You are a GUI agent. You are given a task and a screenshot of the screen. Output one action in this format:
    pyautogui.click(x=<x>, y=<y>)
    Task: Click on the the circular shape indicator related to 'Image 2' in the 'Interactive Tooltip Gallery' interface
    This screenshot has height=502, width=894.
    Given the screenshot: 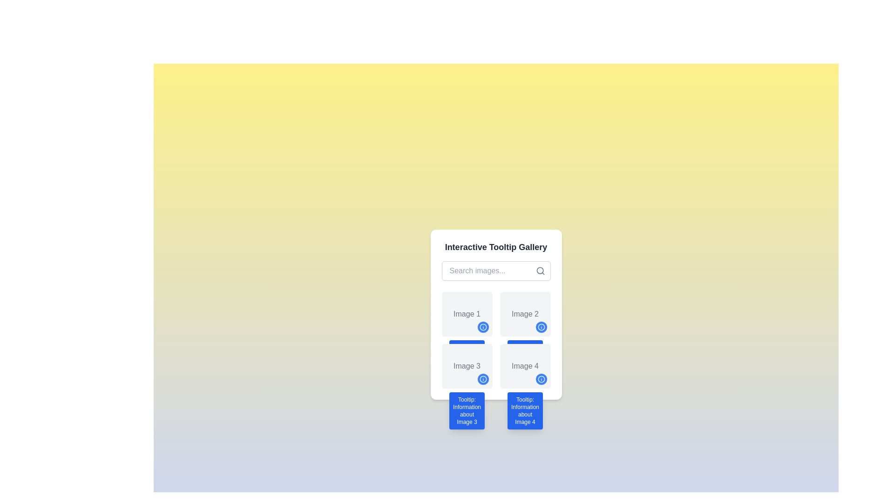 What is the action you would take?
    pyautogui.click(x=541, y=327)
    